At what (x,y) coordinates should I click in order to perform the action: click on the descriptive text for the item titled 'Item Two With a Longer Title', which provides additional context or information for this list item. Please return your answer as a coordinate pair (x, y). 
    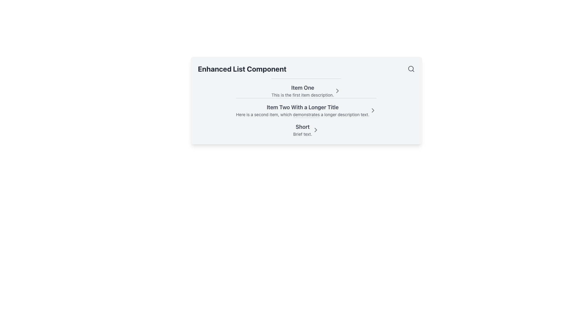
    Looking at the image, I should click on (303, 115).